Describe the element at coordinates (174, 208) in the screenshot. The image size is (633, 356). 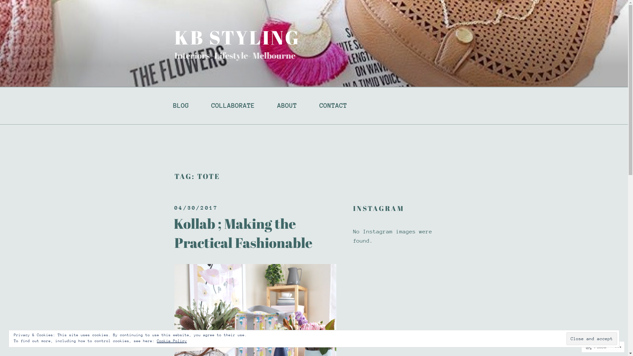
I see `'04/30/2017'` at that location.